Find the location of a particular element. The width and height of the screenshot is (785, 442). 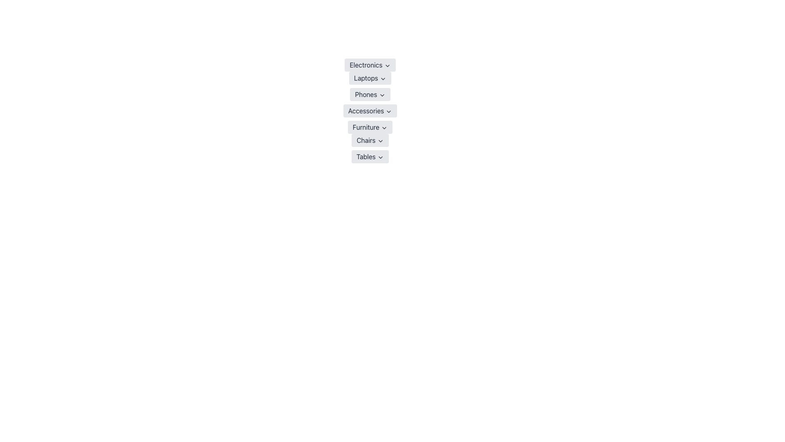

the 'Phones' dropdown menu button, which has a gray background and dark gray text, located in the Electronics section as the third button in the vertical list is located at coordinates (370, 94).